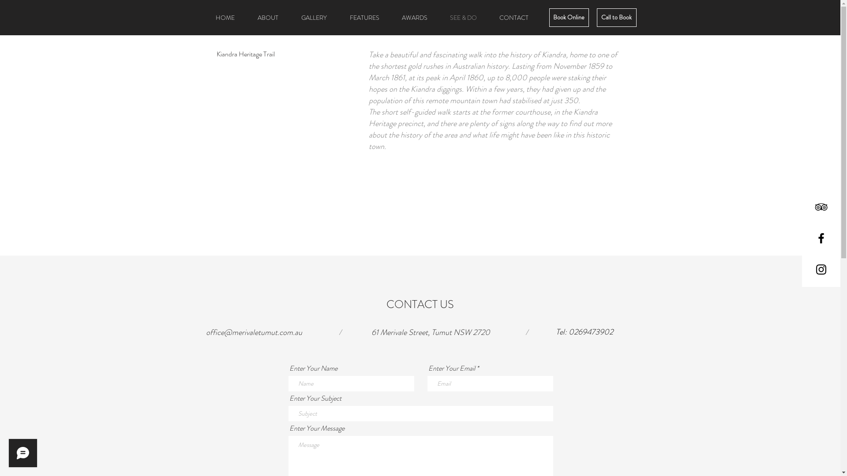  Describe the element at coordinates (513, 17) in the screenshot. I see `'CONTACT'` at that location.